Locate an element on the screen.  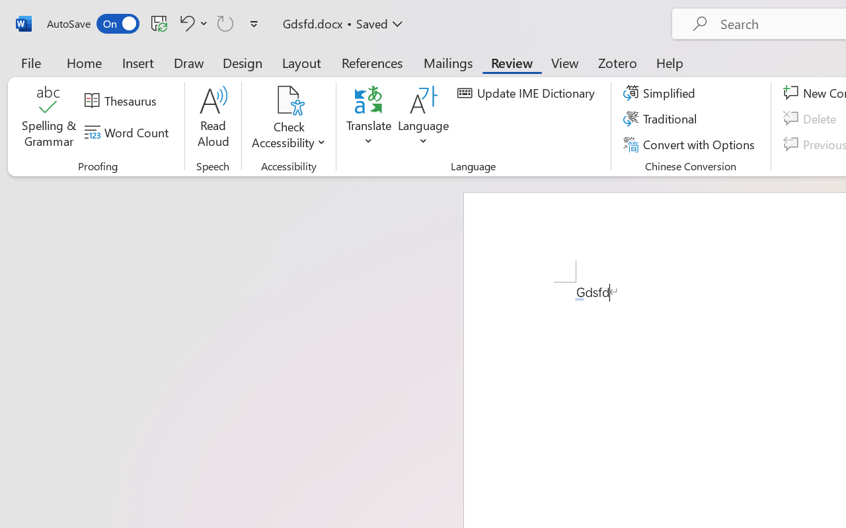
'Convert with Options...' is located at coordinates (690, 144).